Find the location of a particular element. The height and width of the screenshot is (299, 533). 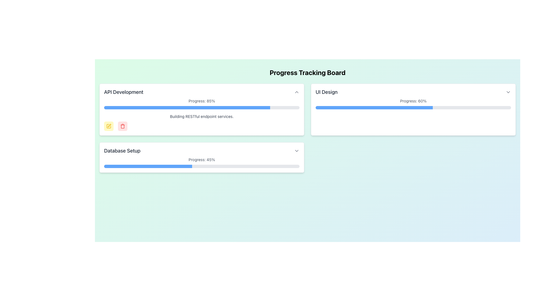

the progress bar is located at coordinates (165, 166).